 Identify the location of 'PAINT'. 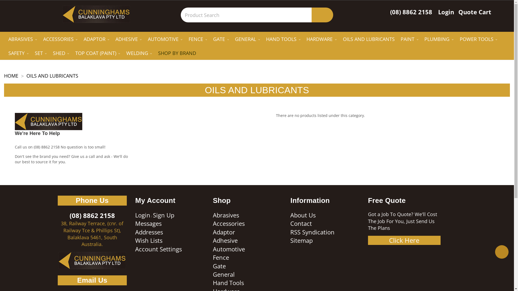
(409, 39).